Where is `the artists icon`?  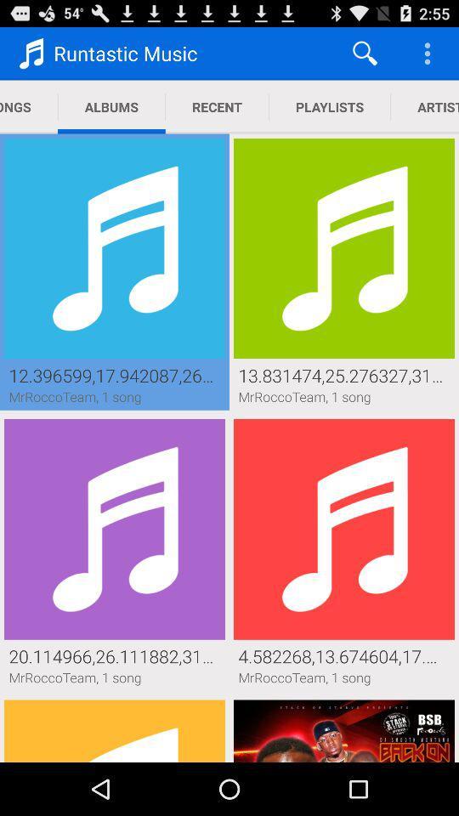 the artists icon is located at coordinates (423, 106).